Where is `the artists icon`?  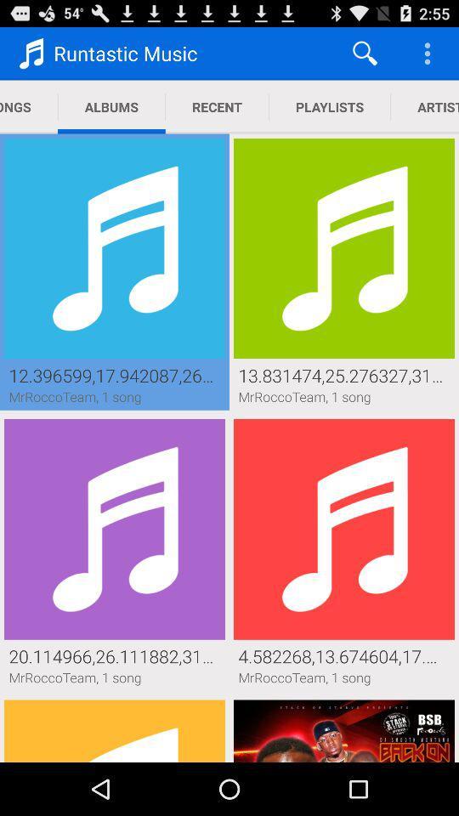 the artists icon is located at coordinates (423, 106).